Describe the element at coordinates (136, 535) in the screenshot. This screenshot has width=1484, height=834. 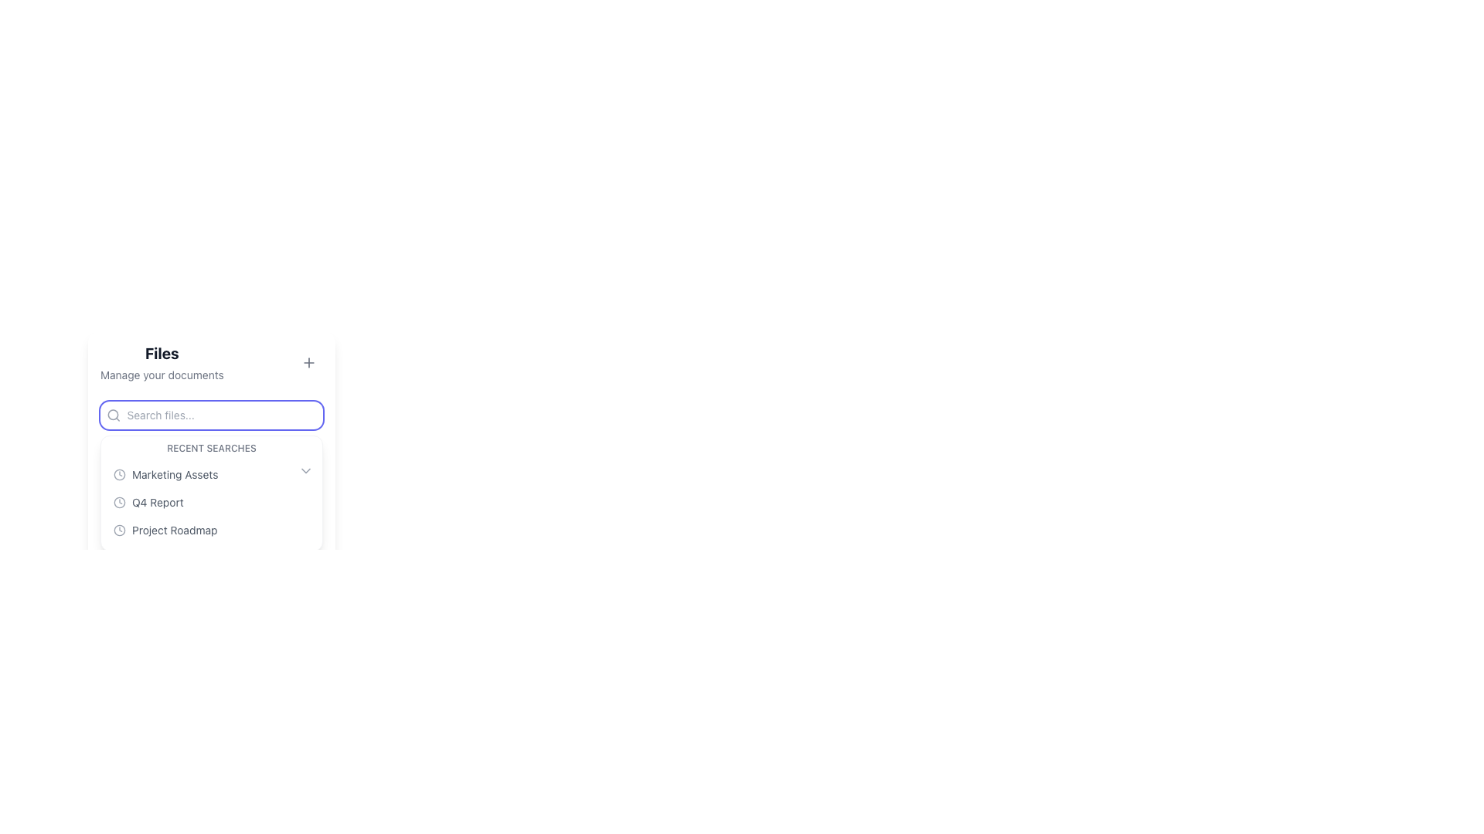
I see `the file icon located to the left of the text 'Project Roadmap' in the 'Recent Searches' section` at that location.